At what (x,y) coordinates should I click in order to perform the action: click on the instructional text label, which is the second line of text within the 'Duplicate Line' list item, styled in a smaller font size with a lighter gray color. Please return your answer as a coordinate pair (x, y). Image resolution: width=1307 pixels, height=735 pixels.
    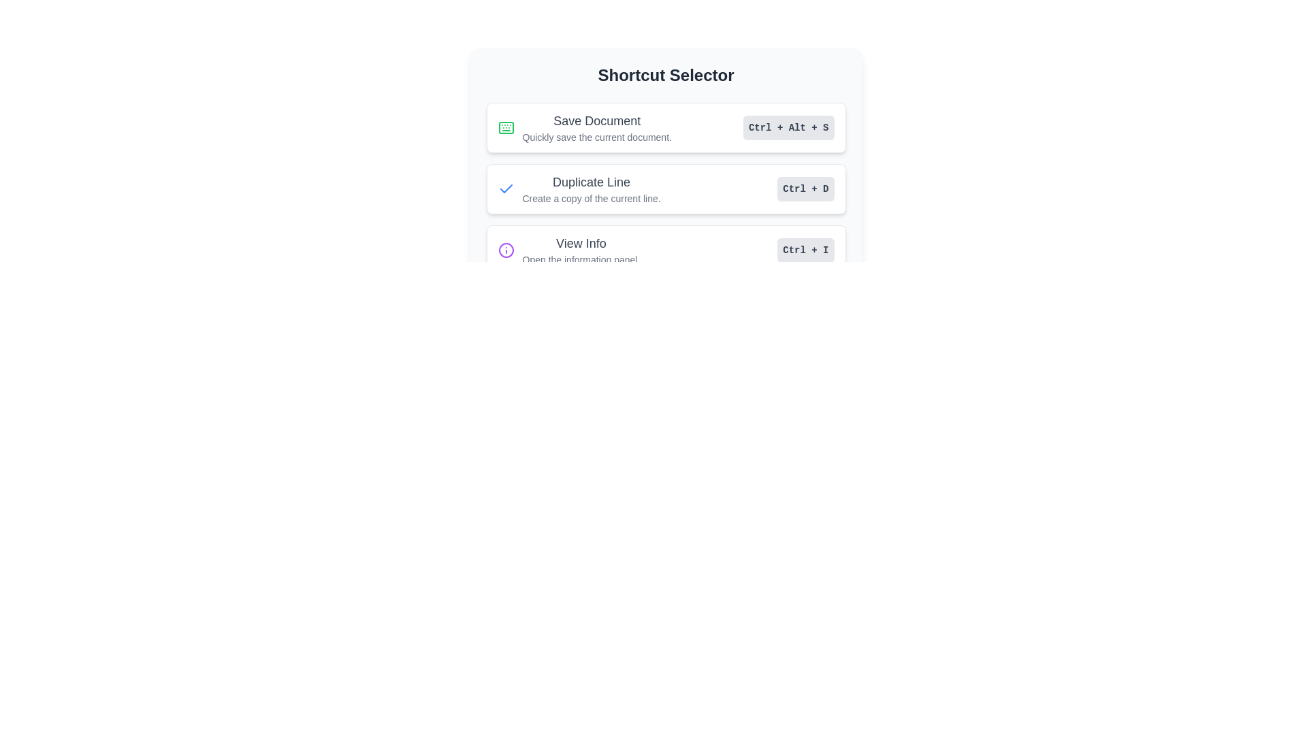
    Looking at the image, I should click on (591, 199).